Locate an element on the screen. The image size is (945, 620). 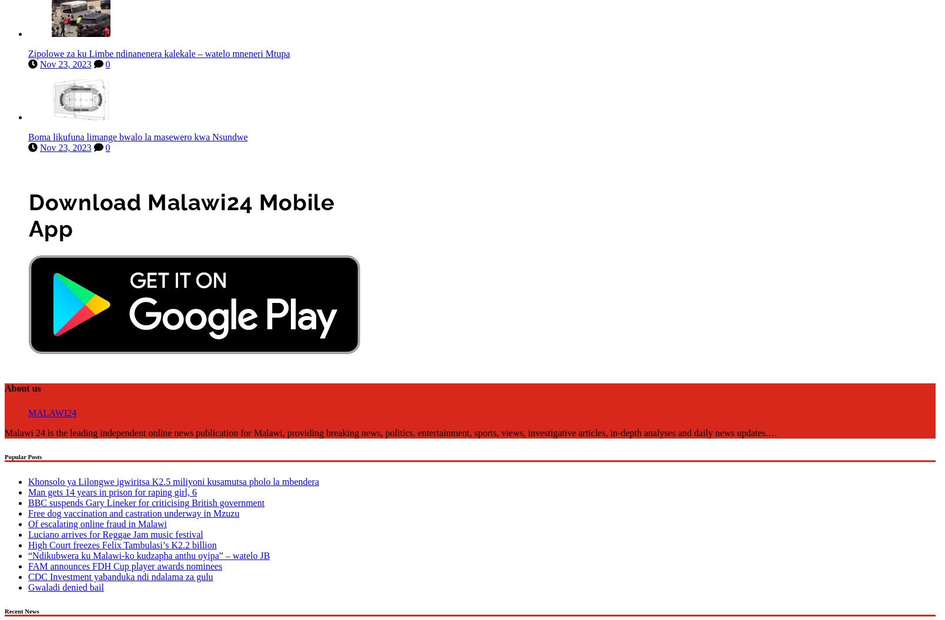
'“Ndikubwera ku Malawi-ko kudzapha anthu oyipa” – watelo JB' is located at coordinates (149, 553).